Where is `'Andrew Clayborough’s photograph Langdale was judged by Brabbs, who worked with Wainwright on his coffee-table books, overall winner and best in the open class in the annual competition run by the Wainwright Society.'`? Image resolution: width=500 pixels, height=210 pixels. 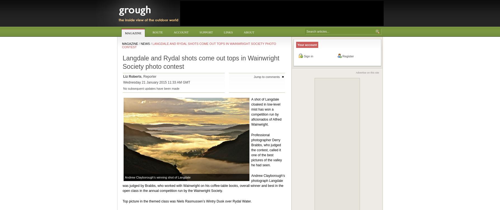 'Andrew Clayborough’s photograph Langdale was judged by Brabbs, who worked with Wainwright on his coffee-table books, overall winner and best in the open class in the annual competition run by the Wainwright Society.' is located at coordinates (122, 183).